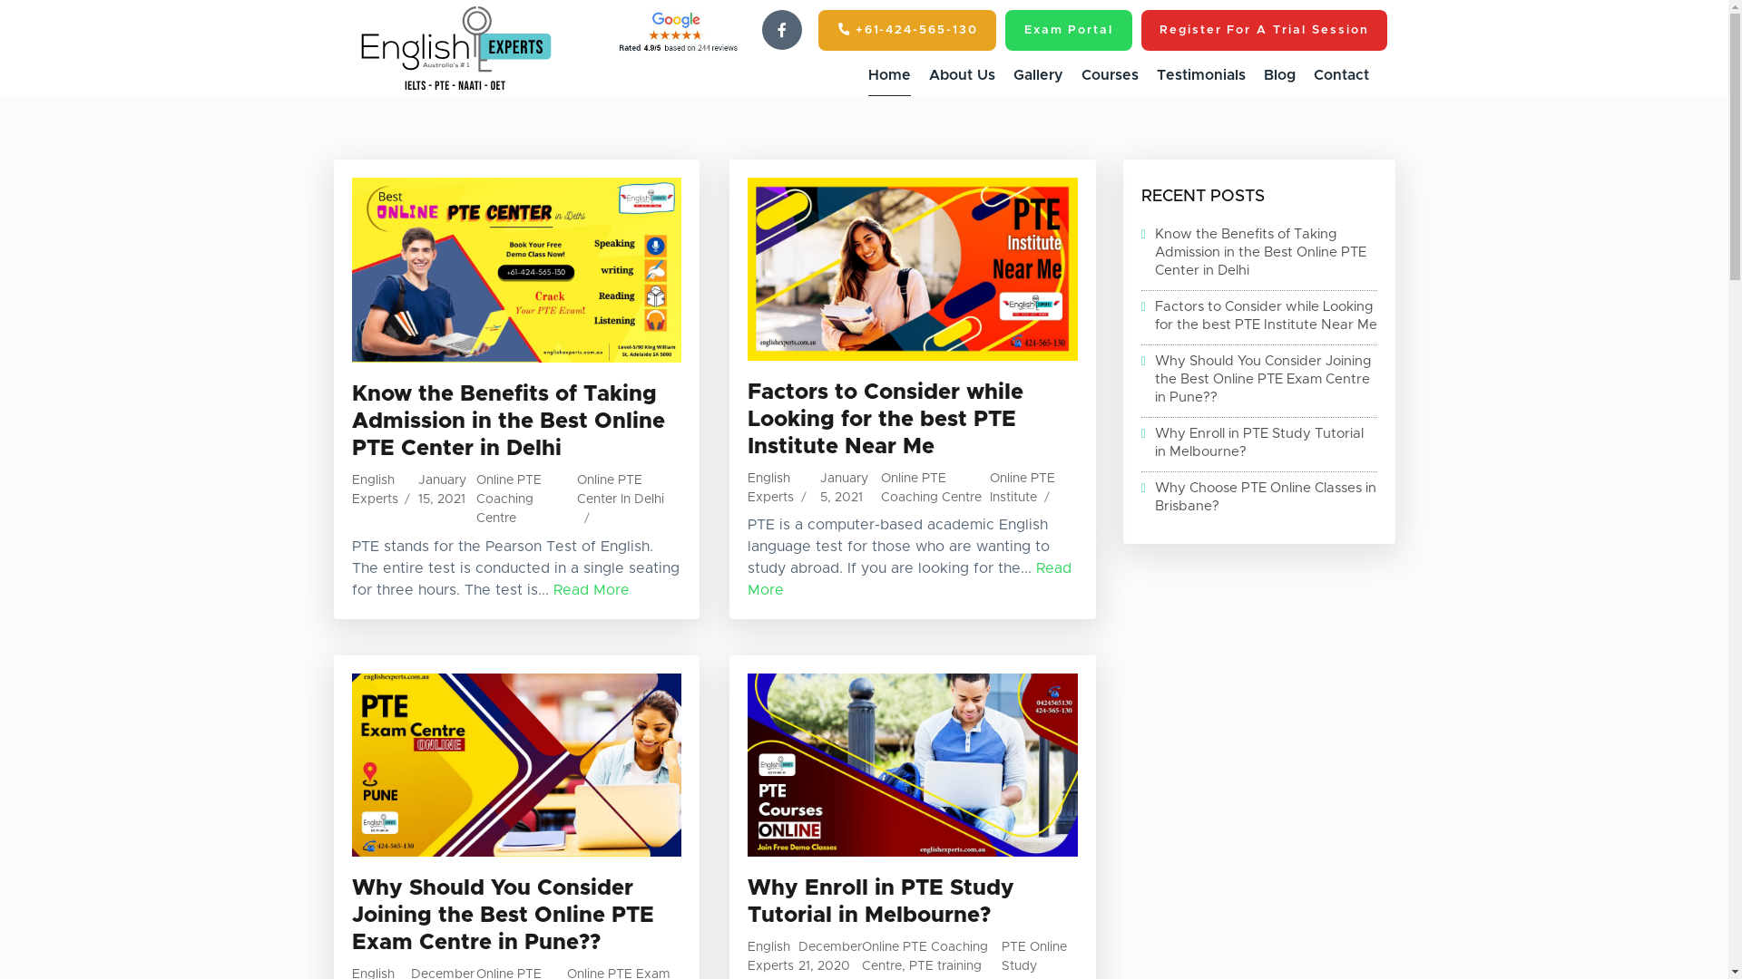  Describe the element at coordinates (575, 489) in the screenshot. I see `'Online PTE Center In Delhi'` at that location.